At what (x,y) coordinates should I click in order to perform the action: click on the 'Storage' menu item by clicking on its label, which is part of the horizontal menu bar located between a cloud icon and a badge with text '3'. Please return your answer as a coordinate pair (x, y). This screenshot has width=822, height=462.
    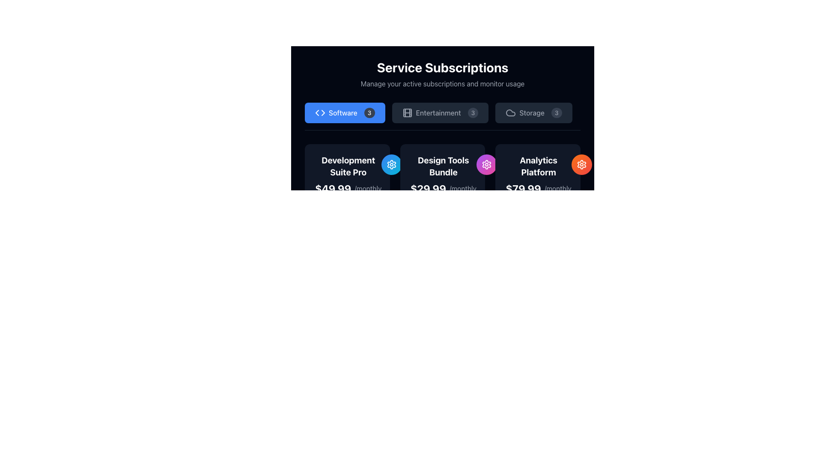
    Looking at the image, I should click on (531, 112).